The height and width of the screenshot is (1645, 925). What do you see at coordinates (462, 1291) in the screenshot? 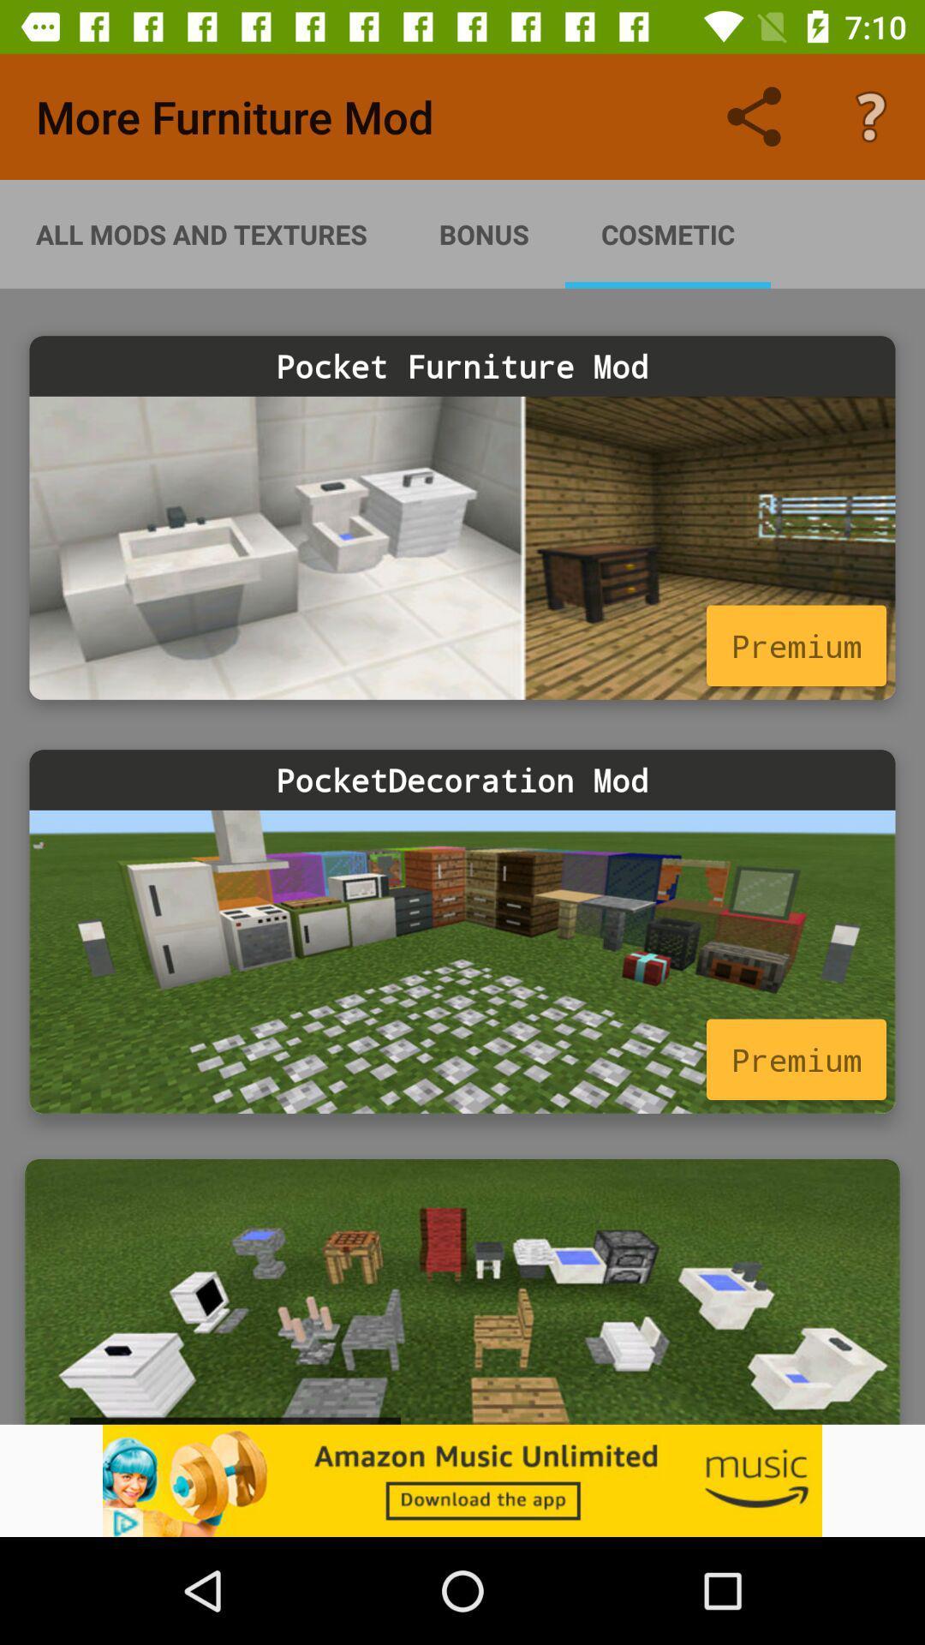
I see `open mod` at bounding box center [462, 1291].